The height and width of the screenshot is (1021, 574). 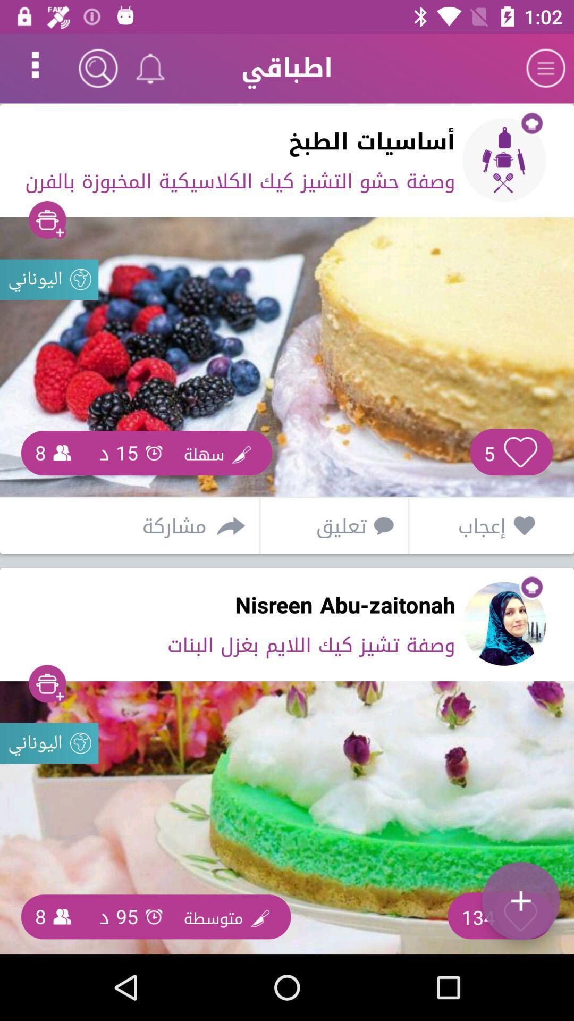 What do you see at coordinates (503, 160) in the screenshot?
I see `the label below the menu button` at bounding box center [503, 160].